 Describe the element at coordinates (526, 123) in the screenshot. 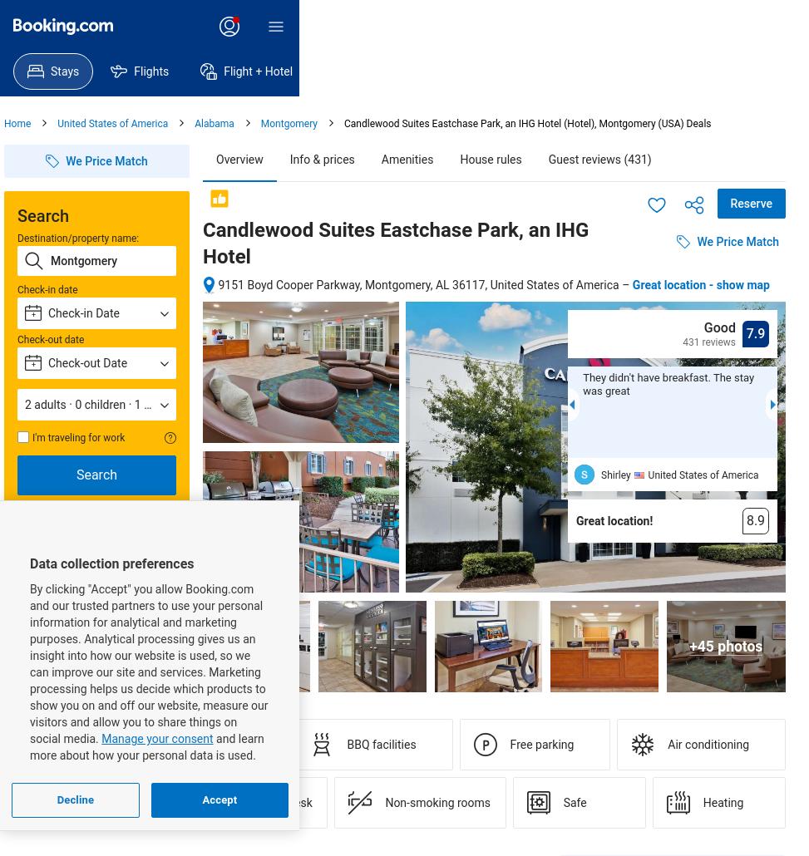

I see `'Candlewood Suites Eastchase Park, an IHG Hotel (Hotel), Montgomery (USA) Deals'` at that location.